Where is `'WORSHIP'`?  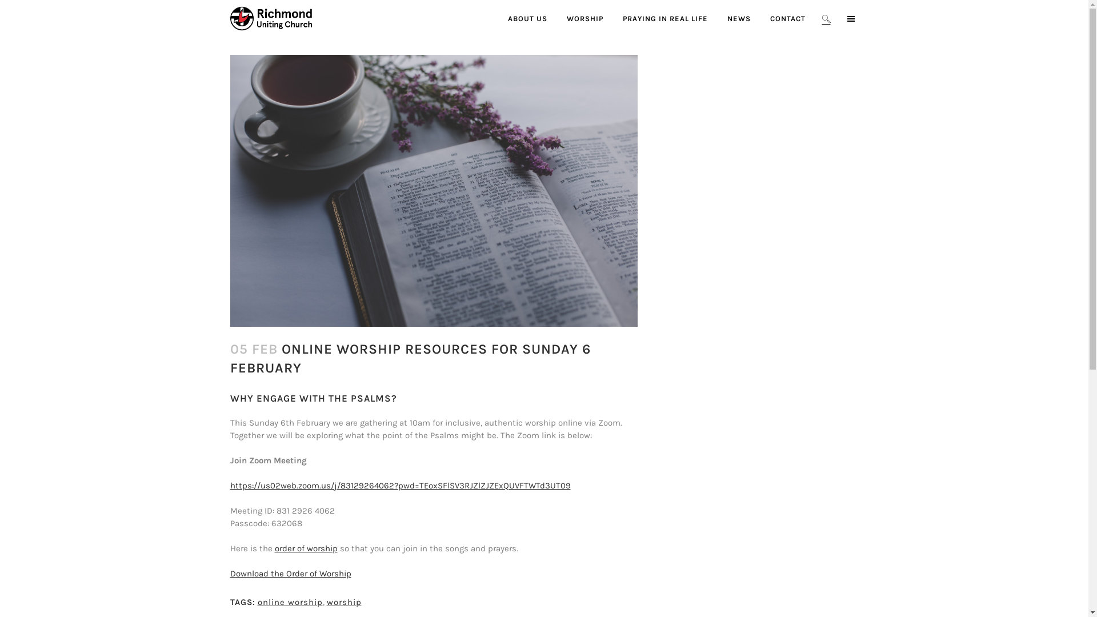 'WORSHIP' is located at coordinates (584, 18).